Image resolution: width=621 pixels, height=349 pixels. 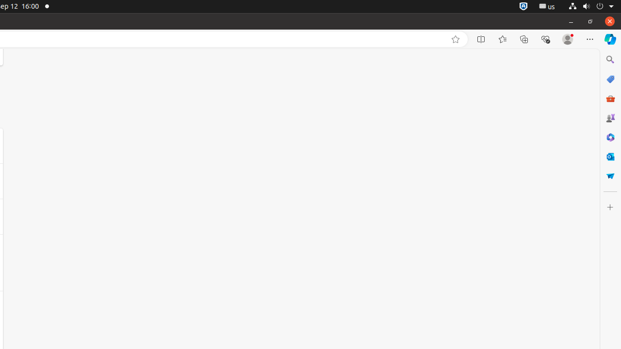 What do you see at coordinates (609, 176) in the screenshot?
I see `'Drop'` at bounding box center [609, 176].